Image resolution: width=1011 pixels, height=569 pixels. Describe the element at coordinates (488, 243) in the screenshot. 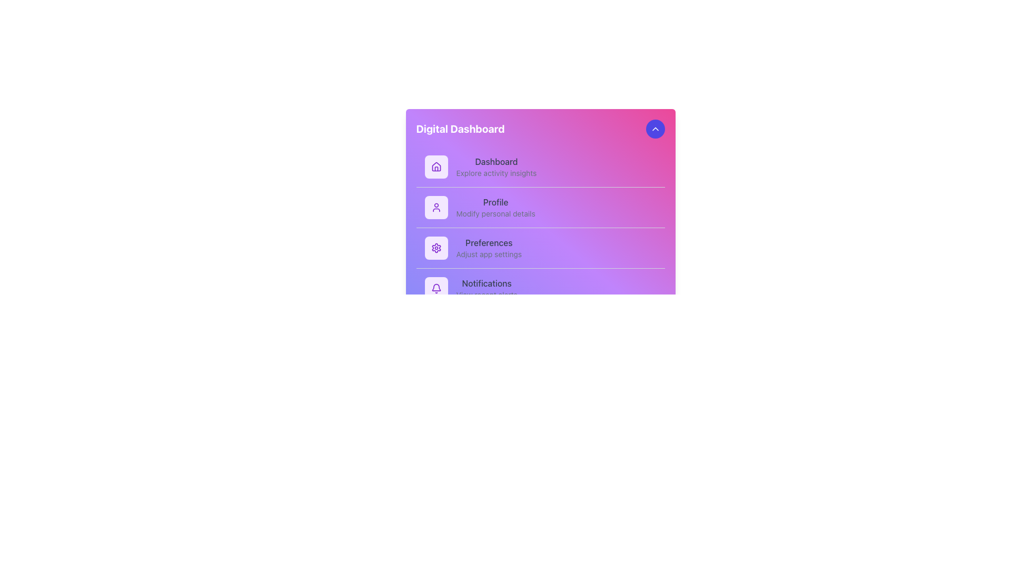

I see `the text label for the navigation item that directs to the application preferences section, located in the third position of the navigation menu` at that location.